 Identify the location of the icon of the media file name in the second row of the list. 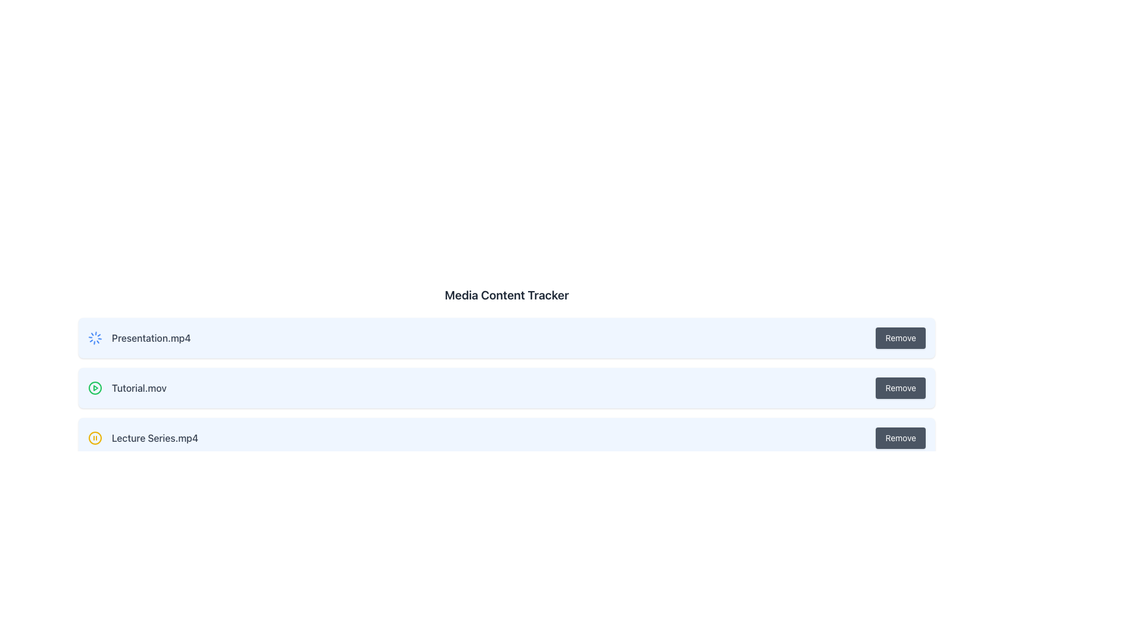
(127, 388).